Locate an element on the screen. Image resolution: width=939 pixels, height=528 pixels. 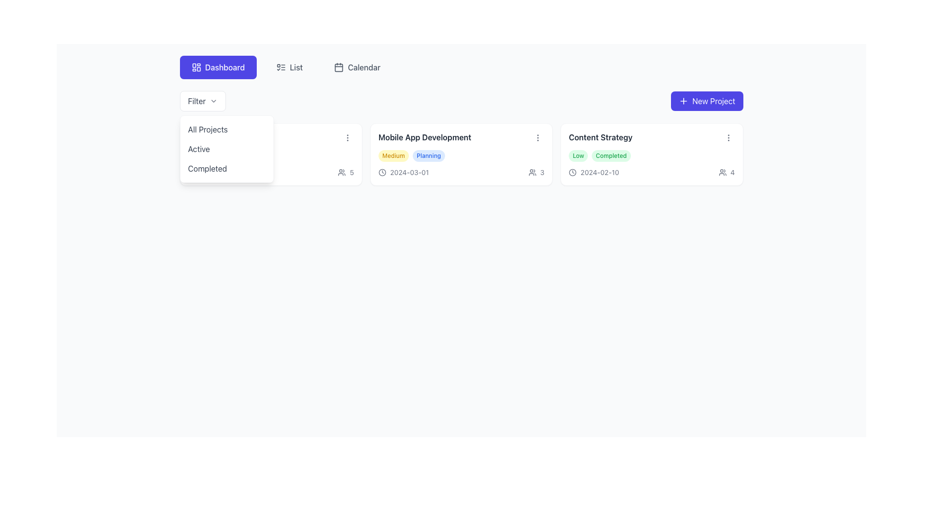
the grid-like icon featuring four squares with alternating filled and outlined styles, which is located in the top-left section of the interface within the 'Dashboard' component is located at coordinates (196, 67).